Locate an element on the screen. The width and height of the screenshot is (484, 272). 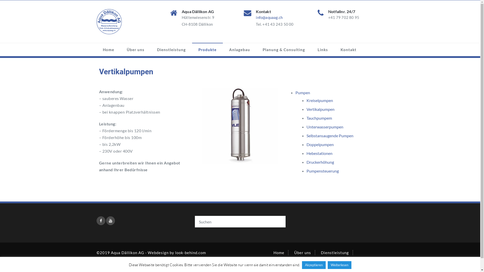
'Produkte' is located at coordinates (282, 262).